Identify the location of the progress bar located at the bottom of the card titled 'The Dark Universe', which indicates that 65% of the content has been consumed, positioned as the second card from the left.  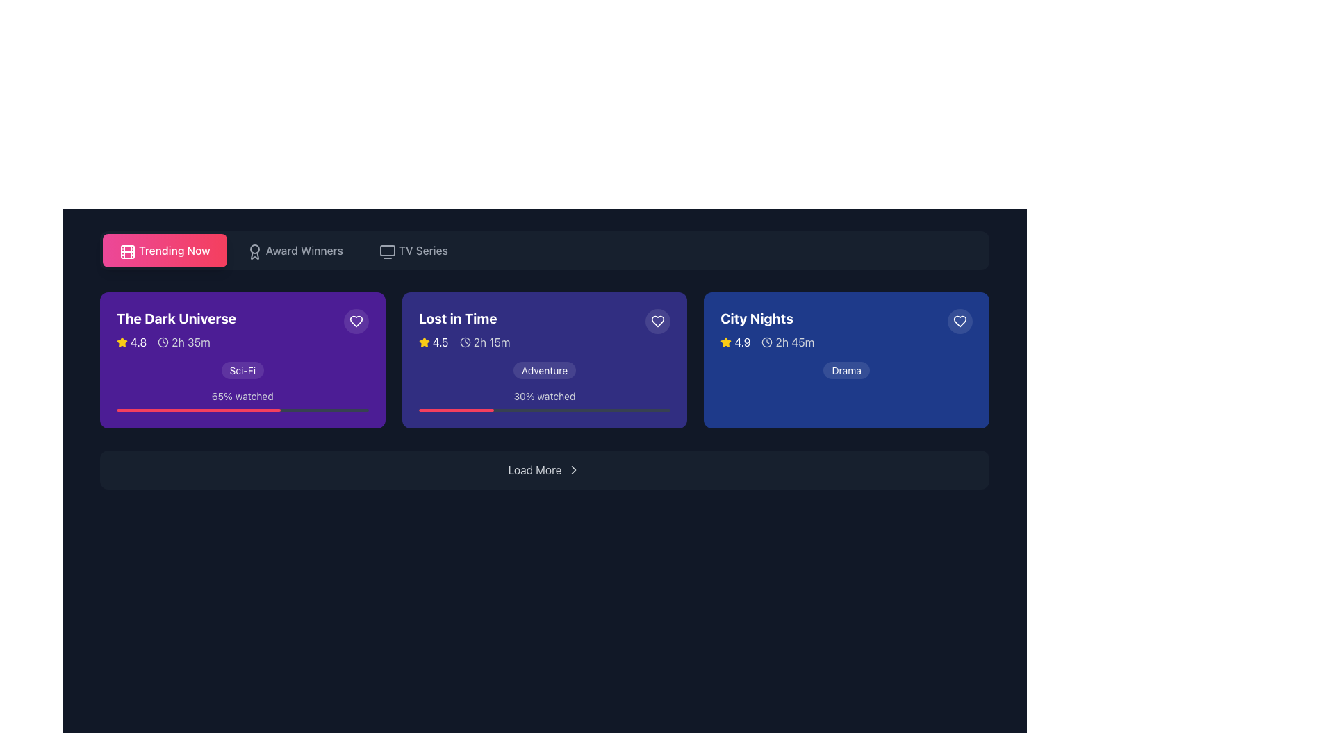
(242, 409).